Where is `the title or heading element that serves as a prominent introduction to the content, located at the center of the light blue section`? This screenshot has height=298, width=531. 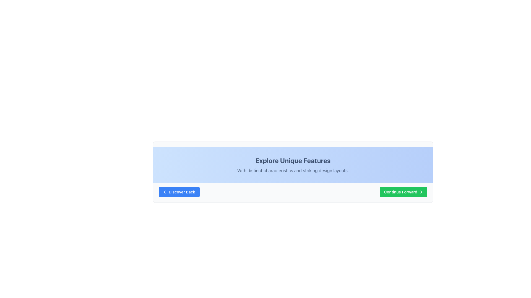 the title or heading element that serves as a prominent introduction to the content, located at the center of the light blue section is located at coordinates (293, 161).